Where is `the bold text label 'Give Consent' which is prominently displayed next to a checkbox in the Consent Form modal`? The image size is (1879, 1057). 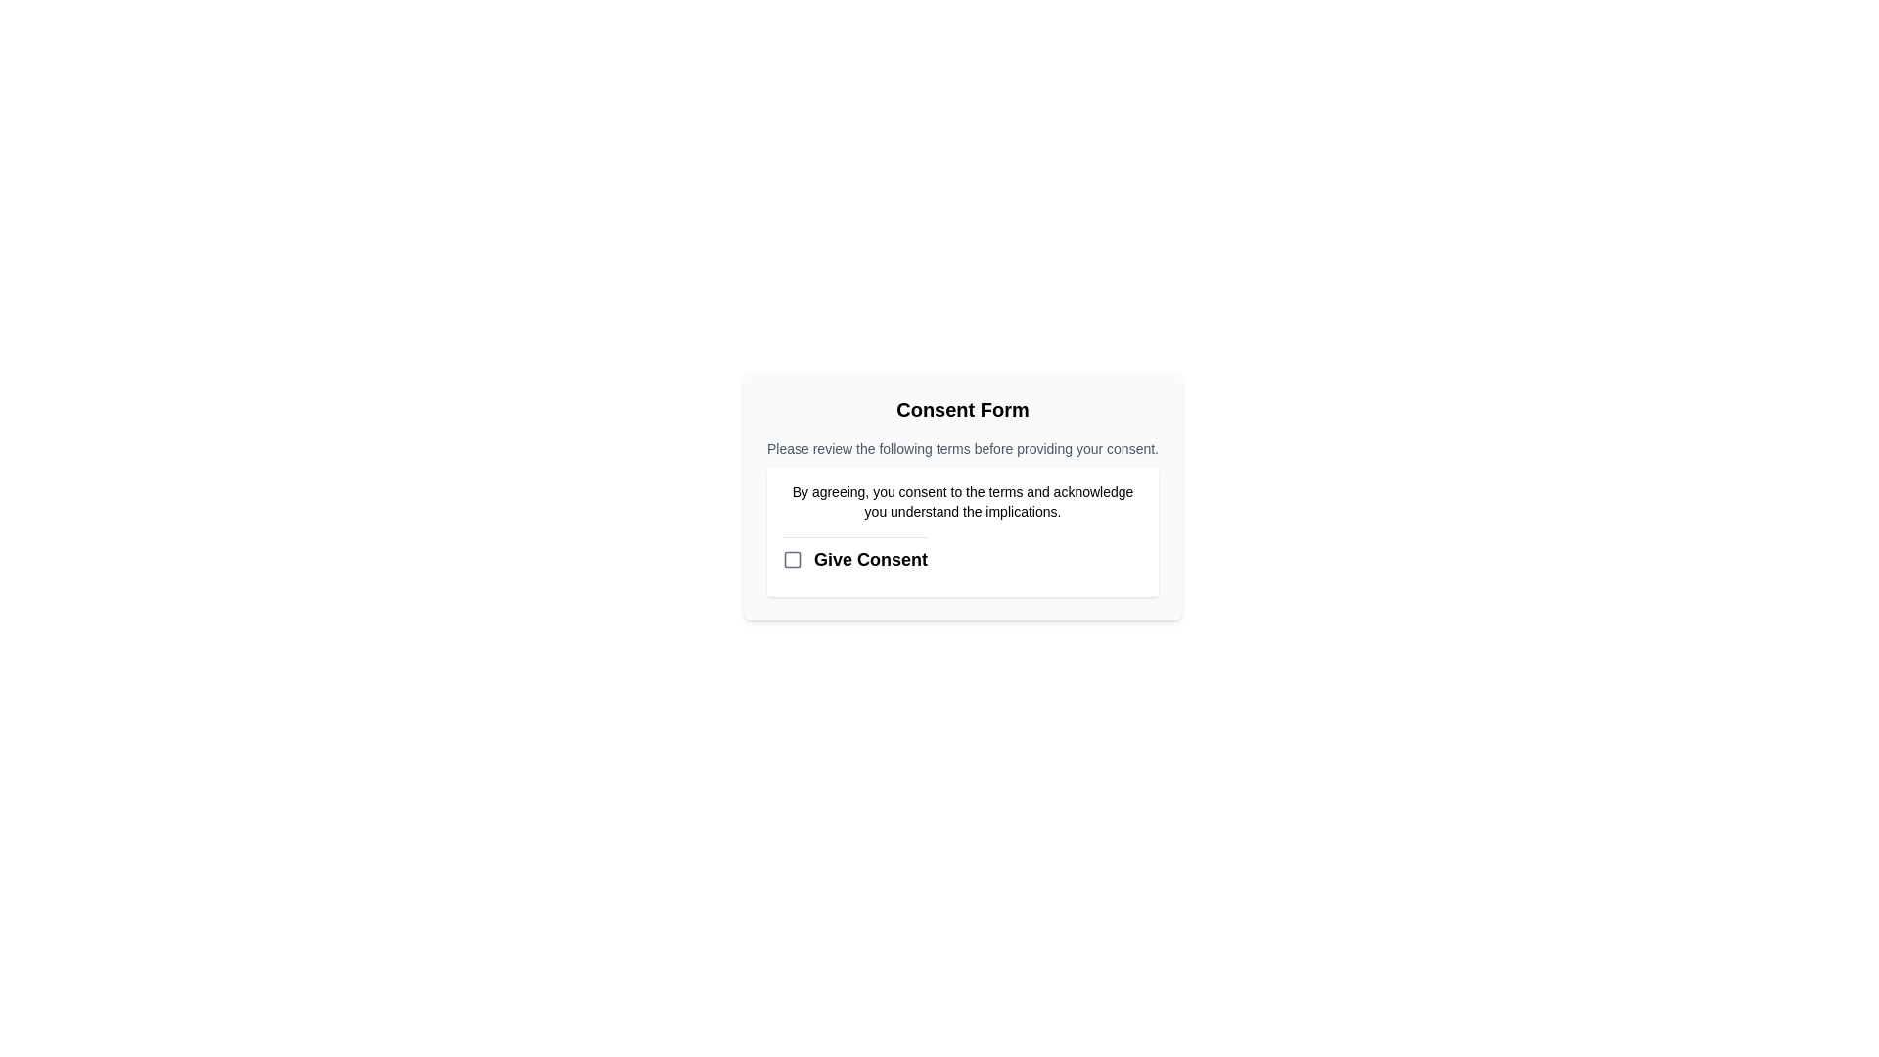 the bold text label 'Give Consent' which is prominently displayed next to a checkbox in the Consent Form modal is located at coordinates (870, 559).